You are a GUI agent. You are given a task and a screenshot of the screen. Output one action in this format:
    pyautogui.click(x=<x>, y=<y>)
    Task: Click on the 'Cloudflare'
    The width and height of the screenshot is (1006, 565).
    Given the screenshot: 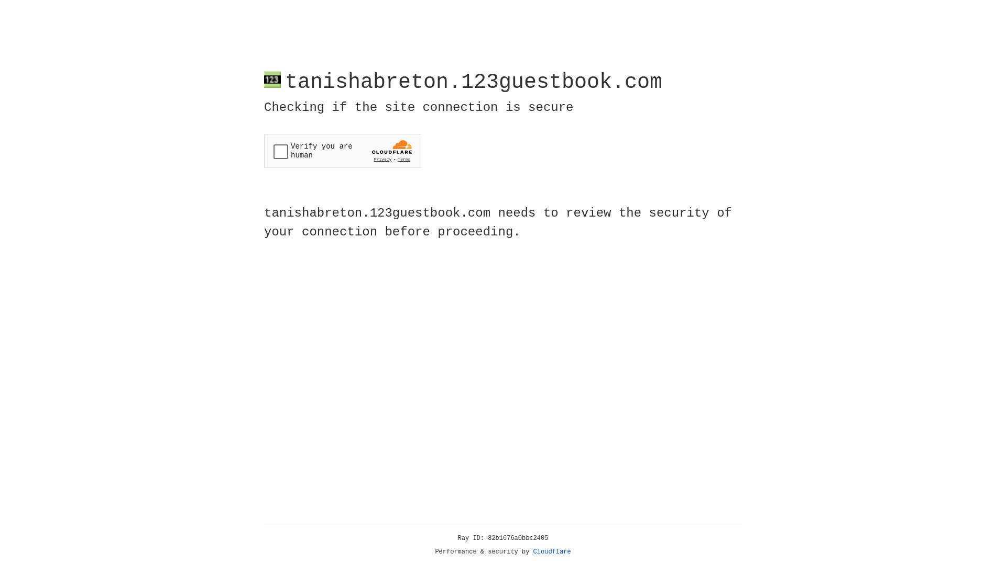 What is the action you would take?
    pyautogui.click(x=552, y=551)
    